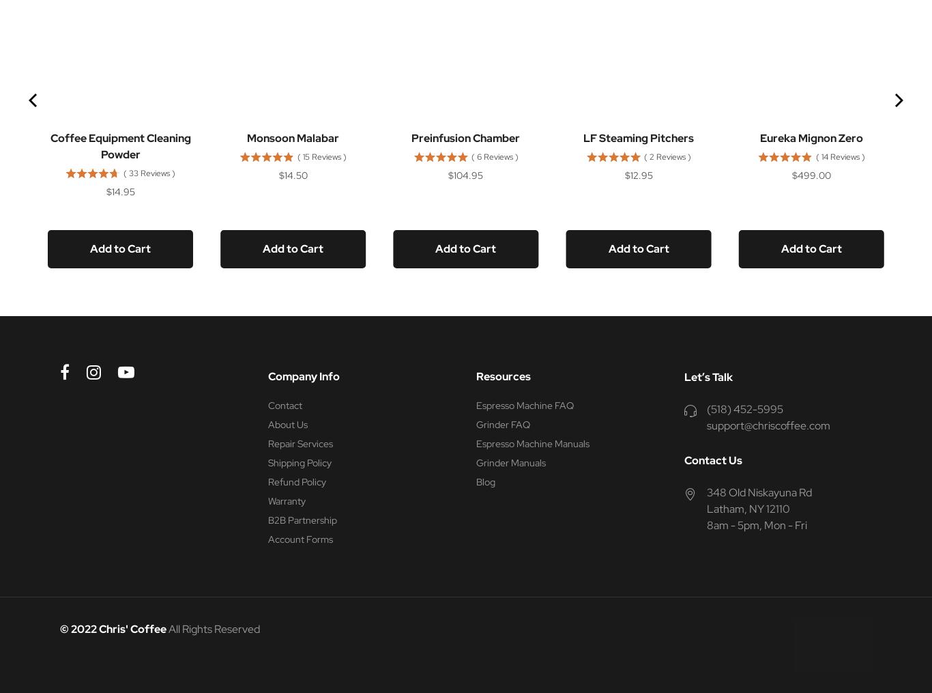 This screenshot has width=932, height=693. Describe the element at coordinates (113, 628) in the screenshot. I see `'© 2022 Chris' Coffee'` at that location.